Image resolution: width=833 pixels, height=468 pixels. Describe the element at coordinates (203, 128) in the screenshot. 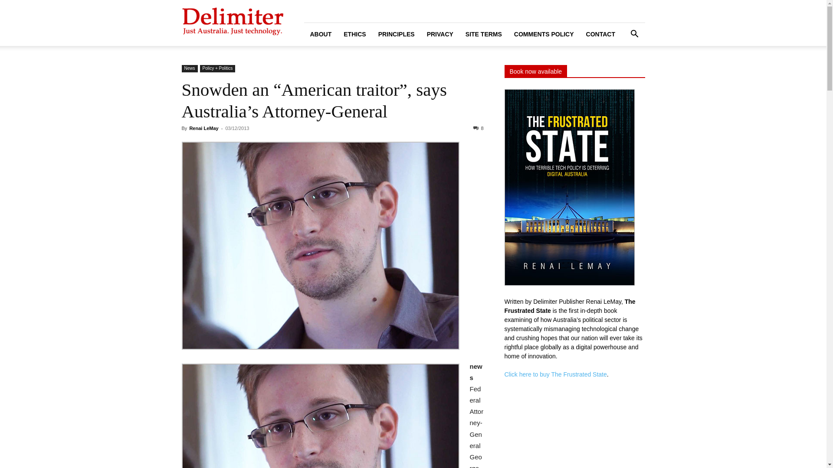

I see `'Renai LeMay'` at that location.